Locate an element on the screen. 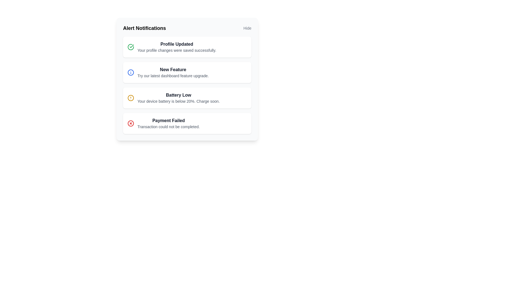 Image resolution: width=531 pixels, height=299 pixels. the notification panel with a light gray background and rounded corners that contains 'Alert Notifications' is located at coordinates (187, 79).